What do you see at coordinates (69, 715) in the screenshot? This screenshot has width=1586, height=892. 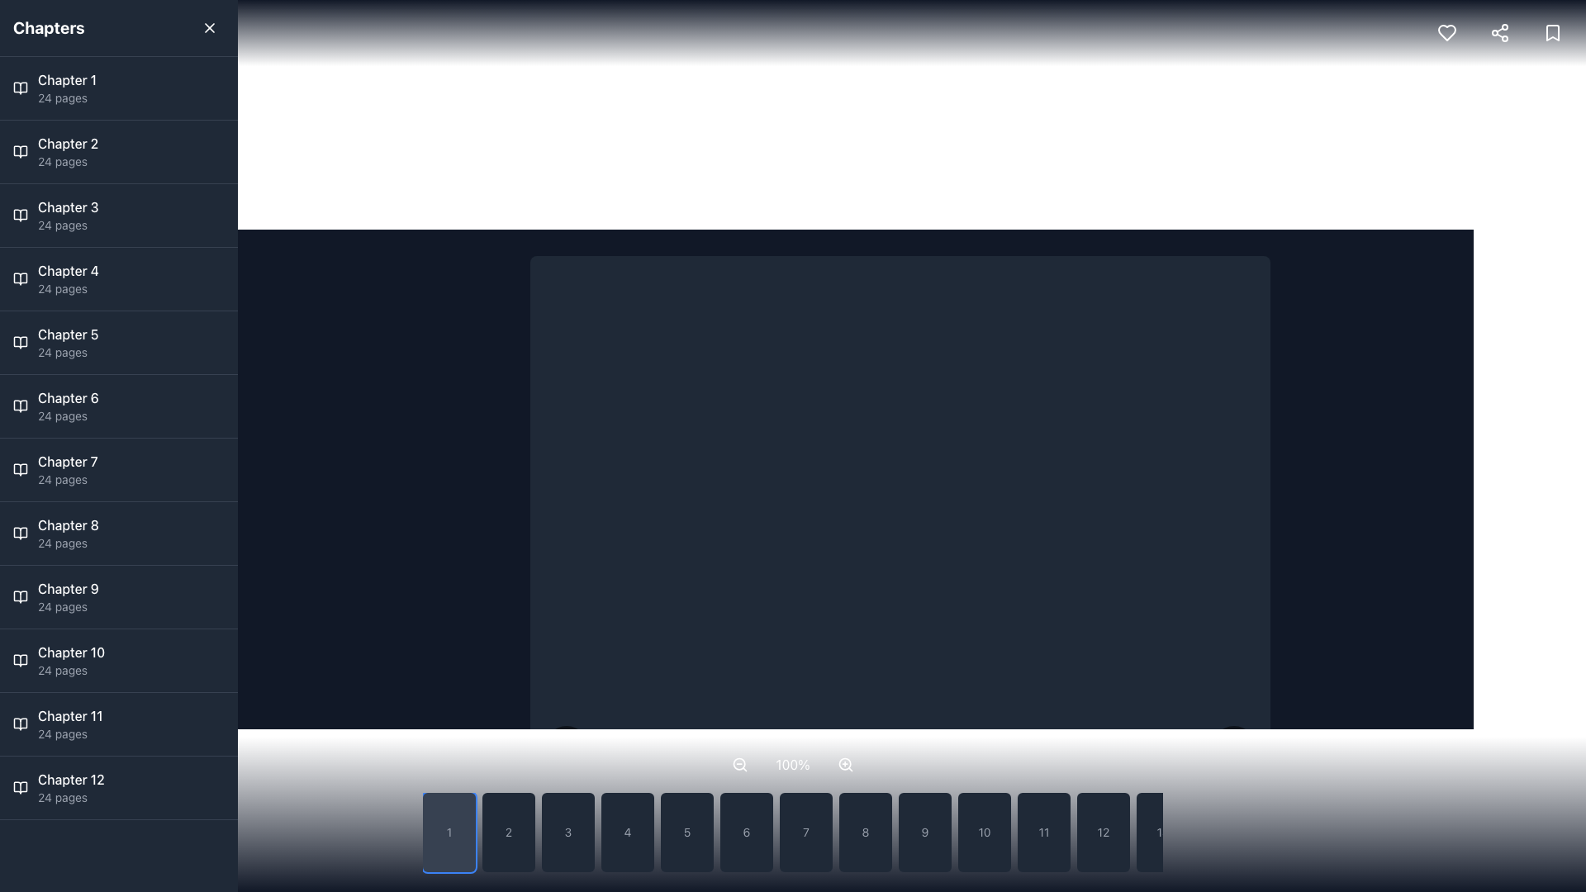 I see `text label indicating the title of the eleventh chapter, positioned on the left sidebar above '24 pages' and below 'Chapter 10'` at bounding box center [69, 715].